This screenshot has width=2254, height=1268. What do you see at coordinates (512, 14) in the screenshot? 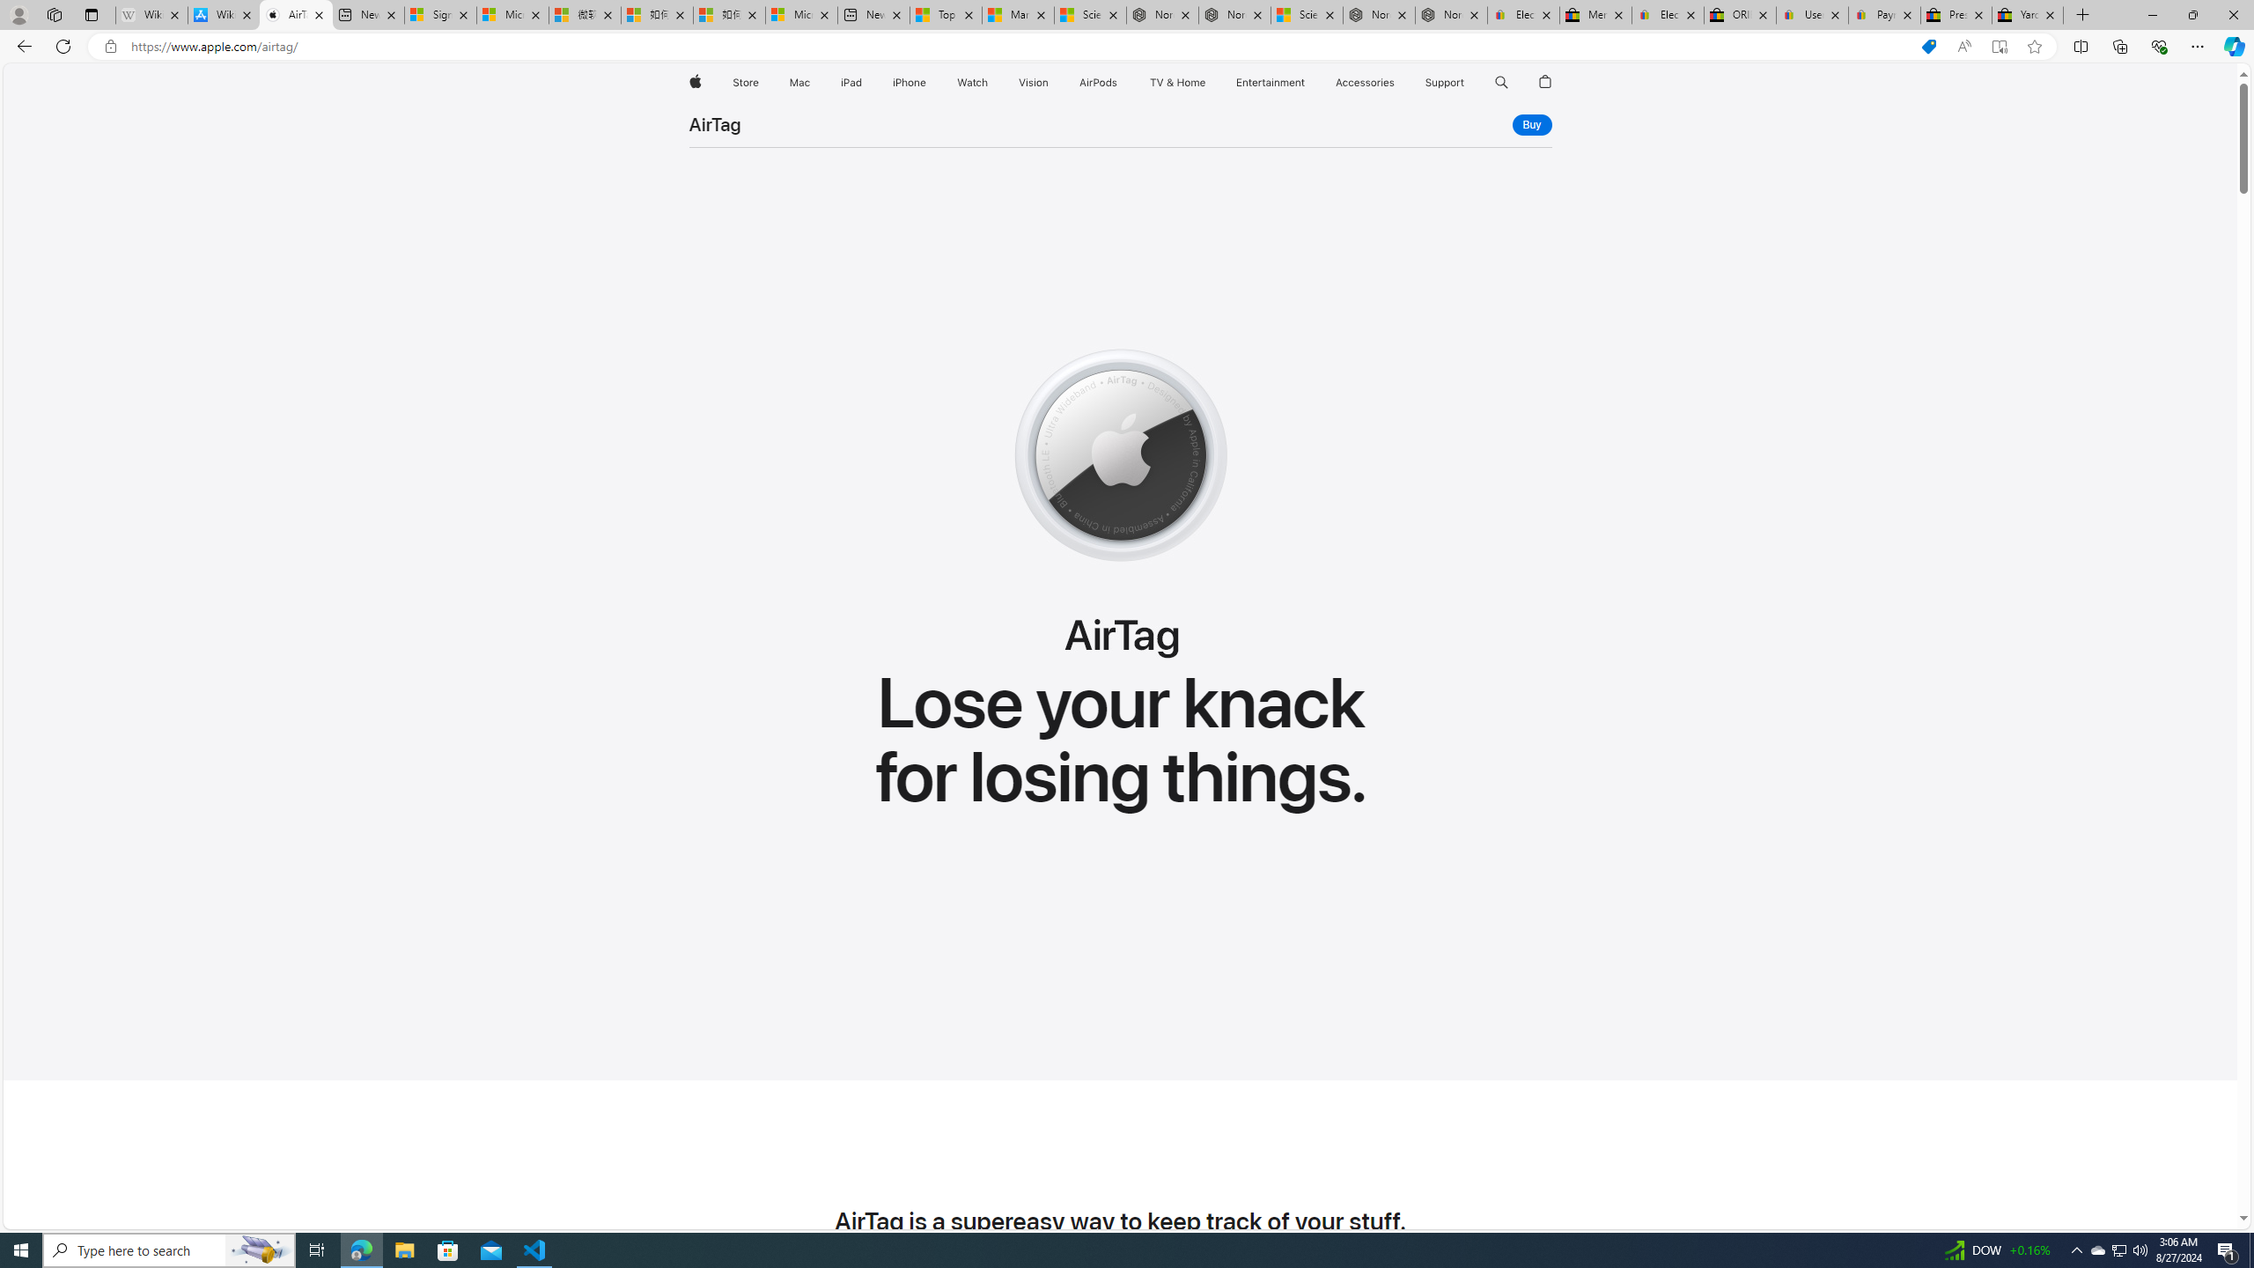
I see `'Microsoft Services Agreement'` at bounding box center [512, 14].